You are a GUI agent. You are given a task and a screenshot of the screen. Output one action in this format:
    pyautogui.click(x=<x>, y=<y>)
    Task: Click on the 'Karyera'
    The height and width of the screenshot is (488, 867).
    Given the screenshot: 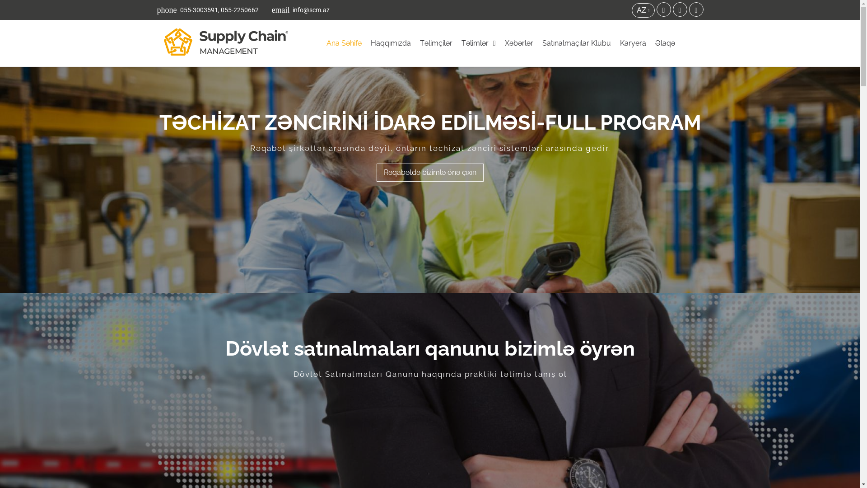 What is the action you would take?
    pyautogui.click(x=618, y=43)
    